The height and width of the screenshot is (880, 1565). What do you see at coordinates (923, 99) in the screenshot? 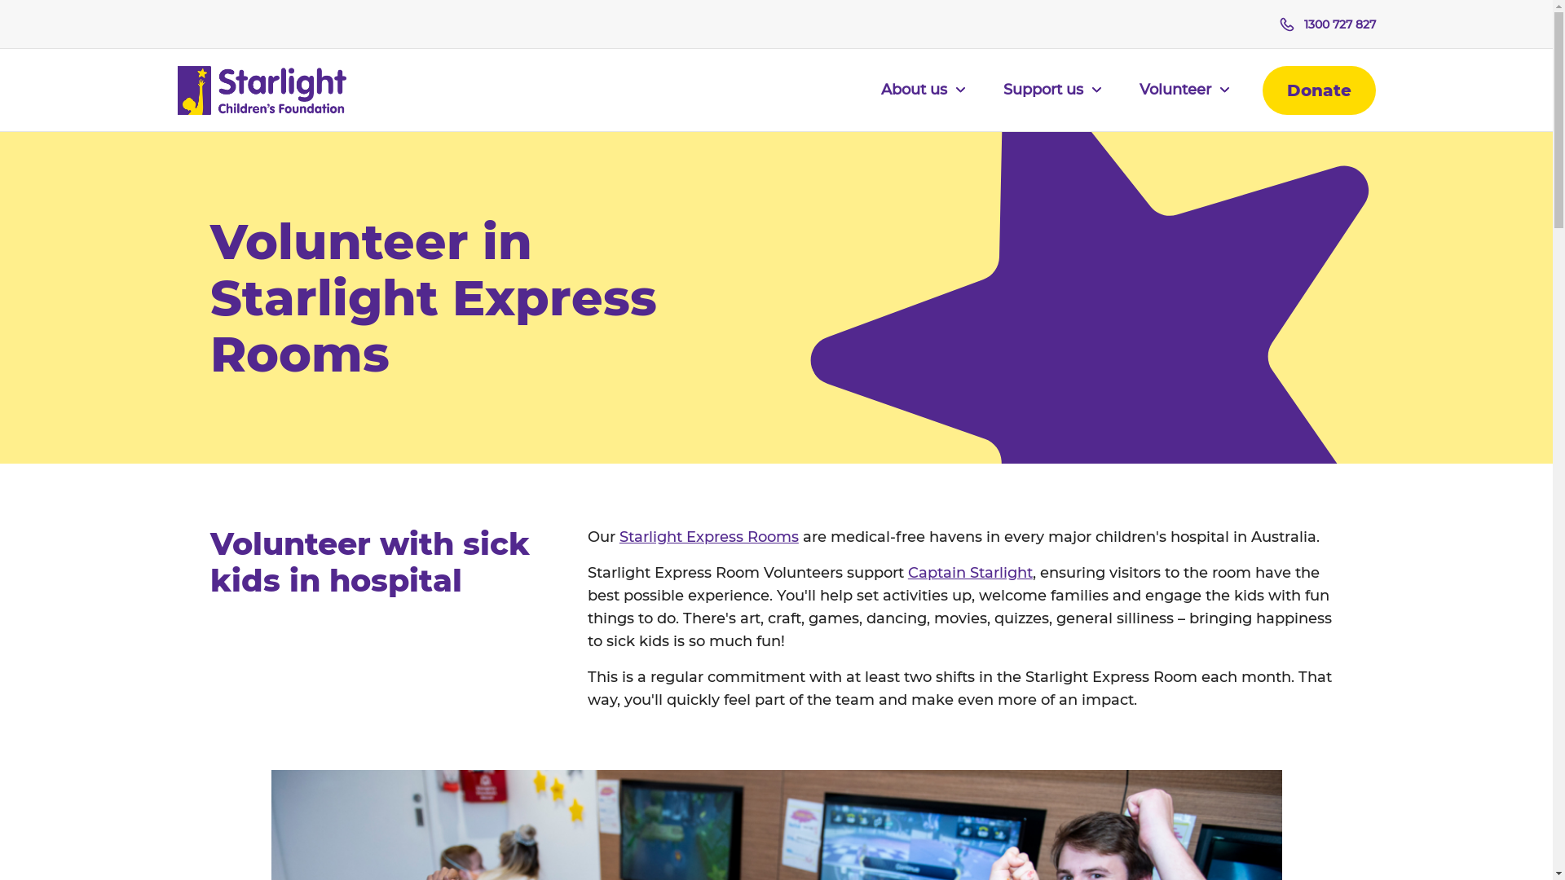
I see `'About us'` at bounding box center [923, 99].